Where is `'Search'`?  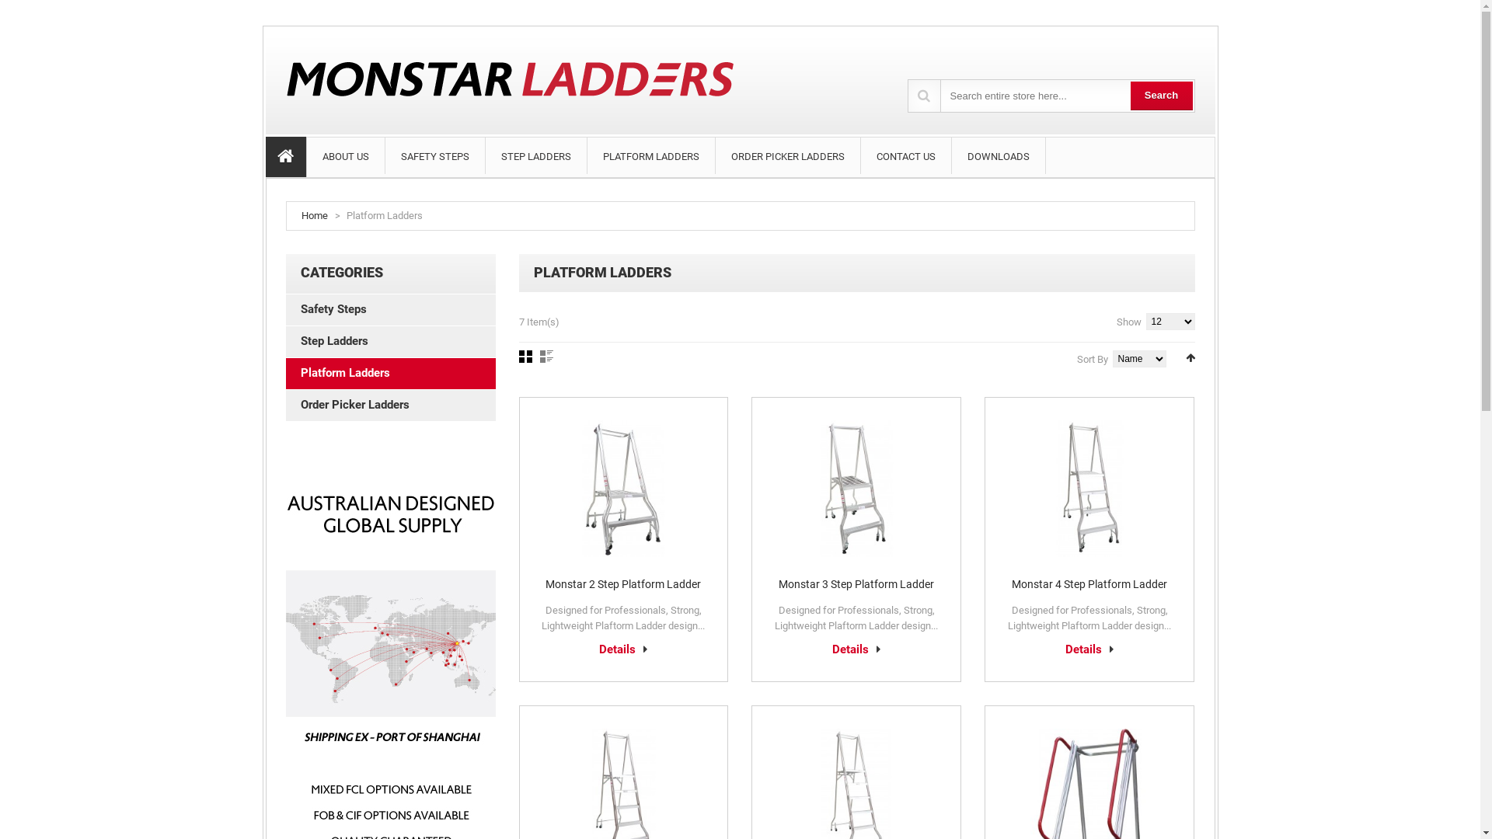 'Search' is located at coordinates (1130, 96).